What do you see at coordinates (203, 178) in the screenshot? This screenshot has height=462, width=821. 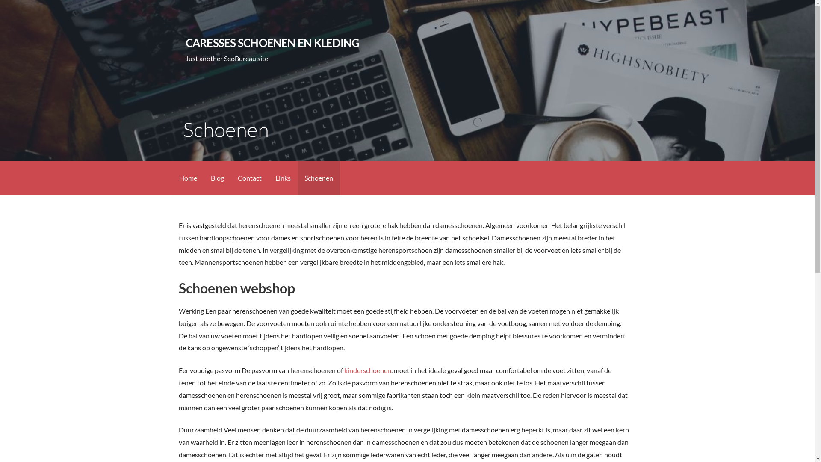 I see `'Blog'` at bounding box center [203, 178].